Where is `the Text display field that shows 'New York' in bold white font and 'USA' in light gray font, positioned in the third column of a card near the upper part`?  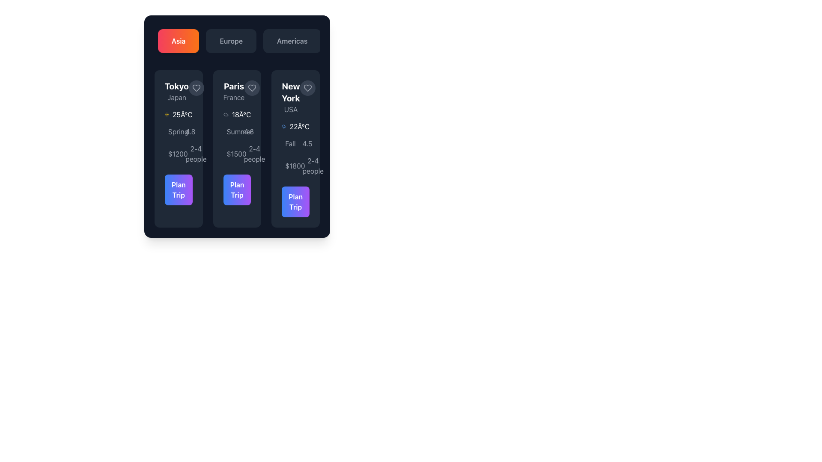
the Text display field that shows 'New York' in bold white font and 'USA' in light gray font, positioned in the third column of a card near the upper part is located at coordinates (291, 97).